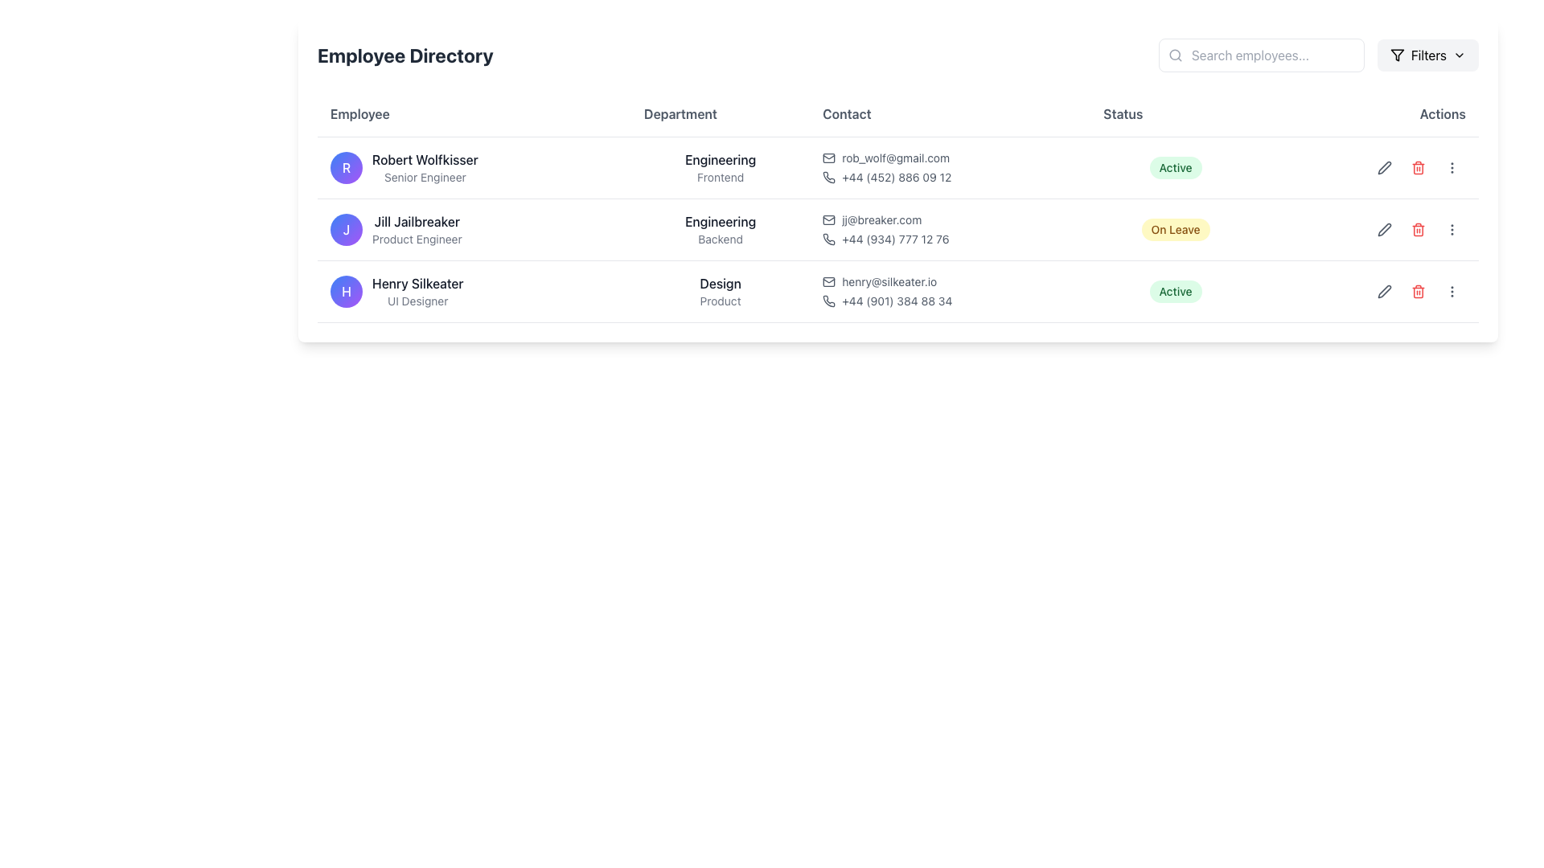 The width and height of the screenshot is (1544, 868). I want to click on label on the Badge indicating the current status of the employee, which shows 'Active' for Robert Wolfkisser in the Employee Directory, so click(1176, 167).